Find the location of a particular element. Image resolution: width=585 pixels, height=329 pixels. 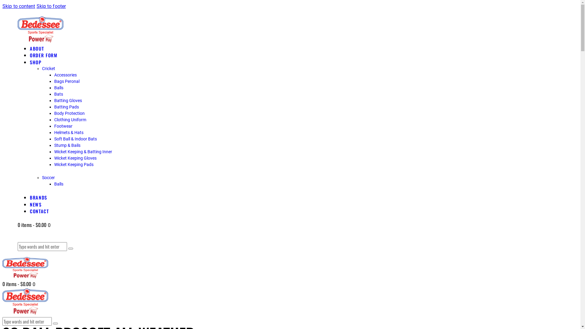

'Helmets & Hats' is located at coordinates (69, 132).